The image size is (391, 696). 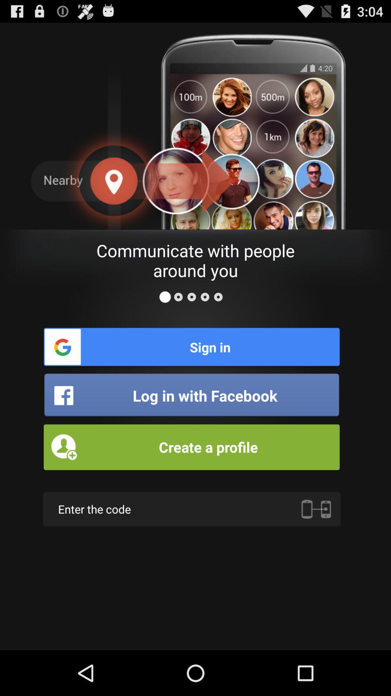 What do you see at coordinates (191, 509) in the screenshot?
I see `enter the code` at bounding box center [191, 509].